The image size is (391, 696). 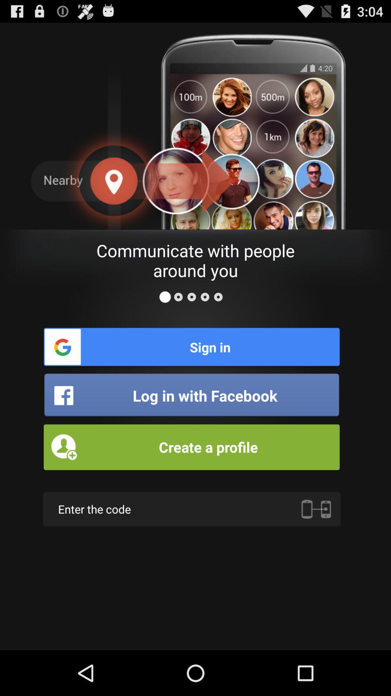 What do you see at coordinates (191, 509) in the screenshot?
I see `enter the code` at bounding box center [191, 509].